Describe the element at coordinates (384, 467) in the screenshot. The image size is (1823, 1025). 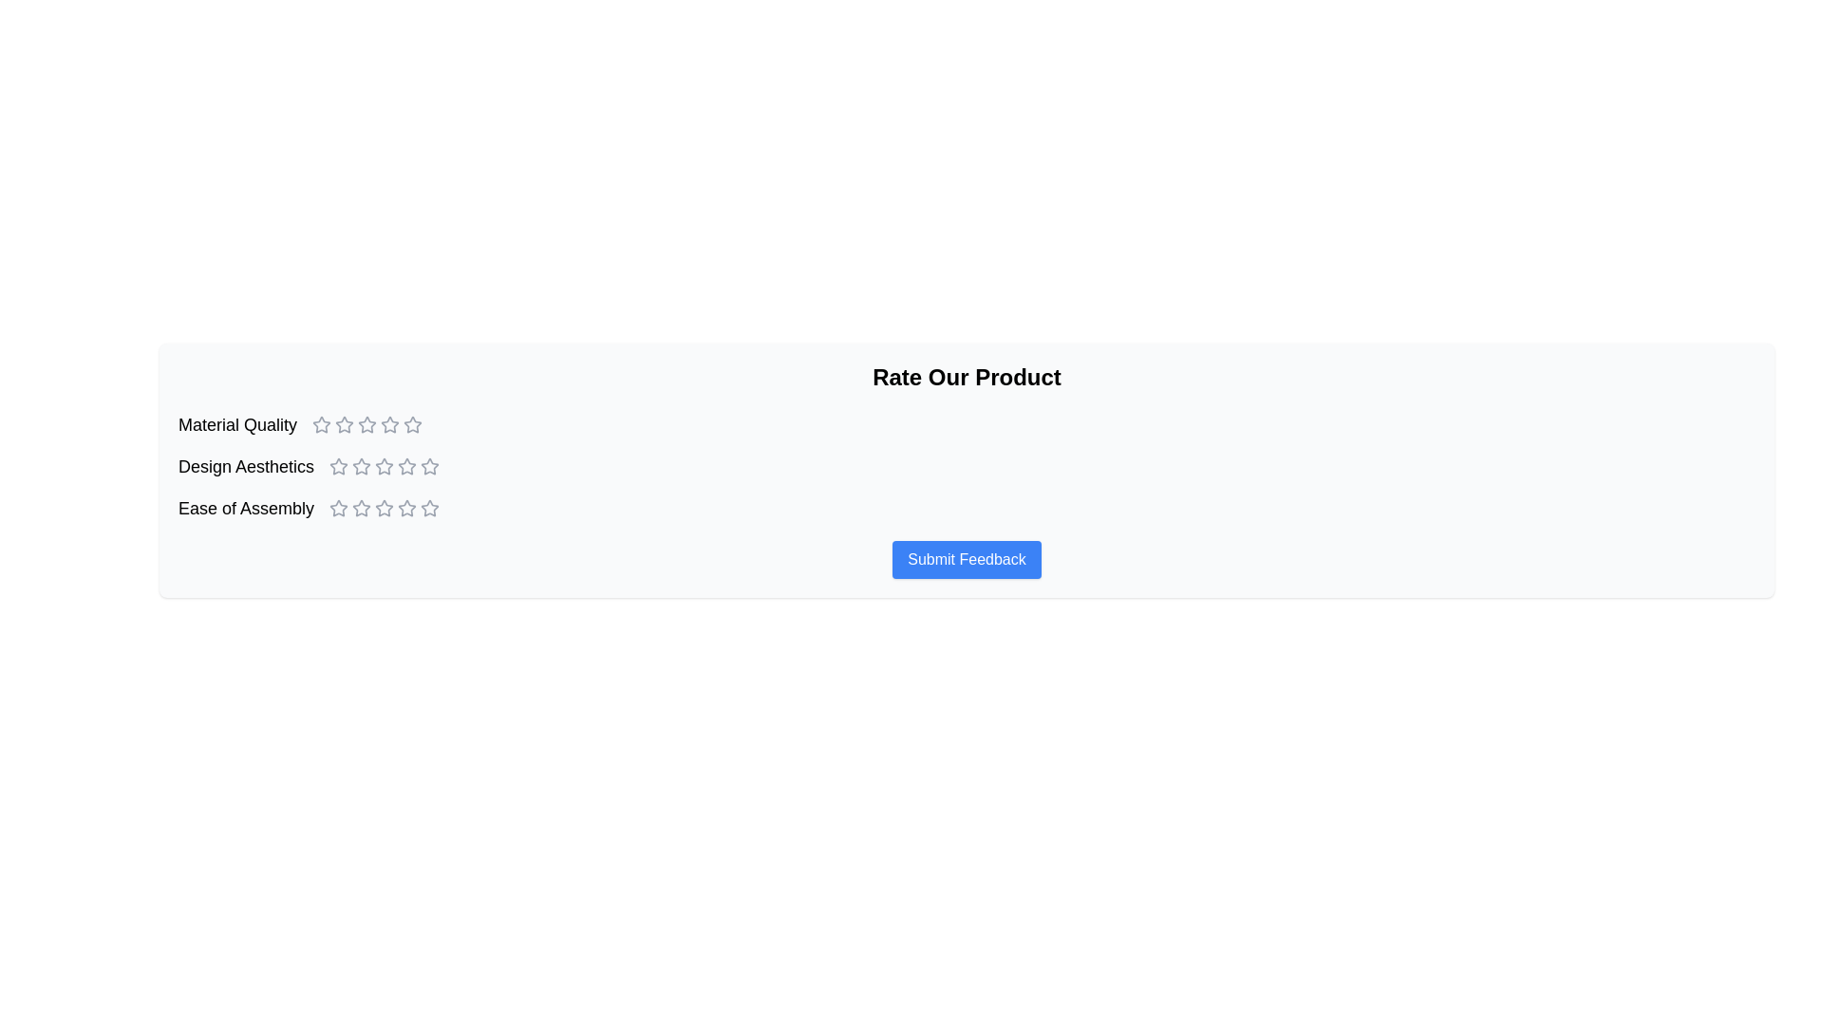
I see `the third star in the 'Design Aesthetics' rating system` at that location.